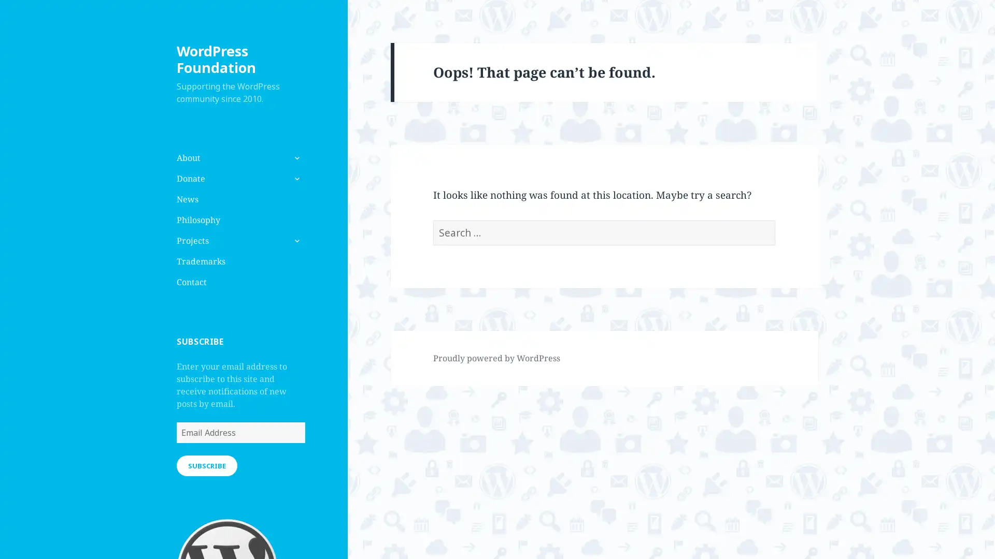  Describe the element at coordinates (295, 178) in the screenshot. I see `expand child menu` at that location.